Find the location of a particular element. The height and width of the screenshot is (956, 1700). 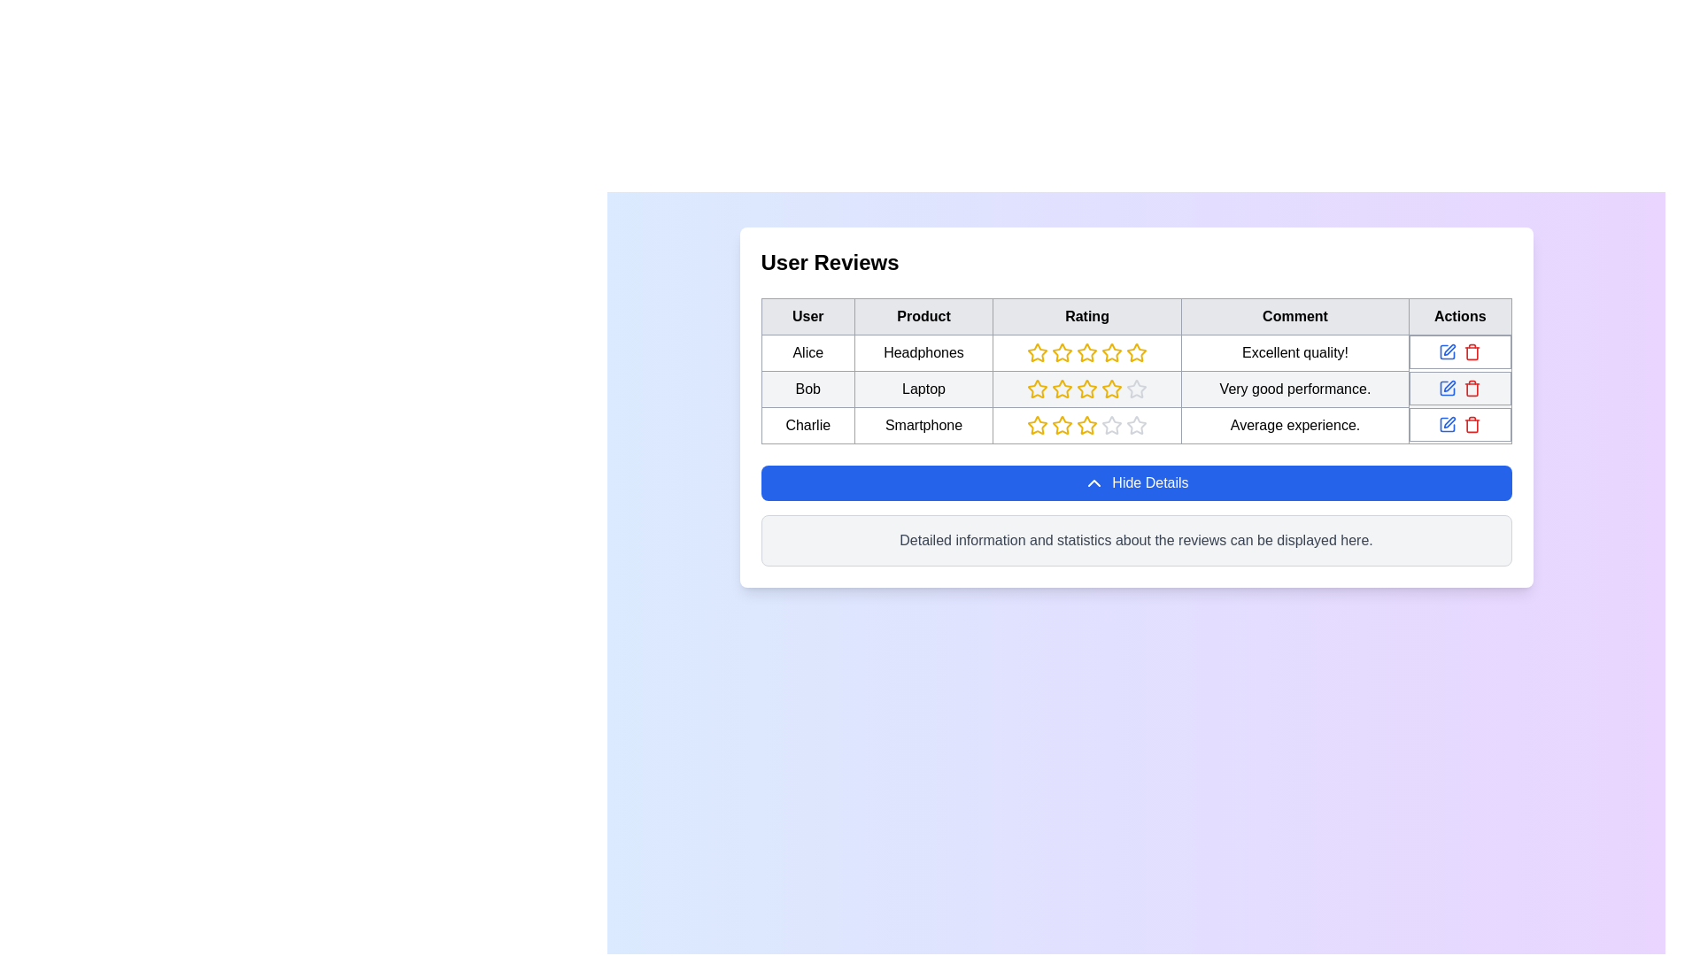

the rating star icon in the third row associated with Charlie's review of the Smartphone product to rate it is located at coordinates (1062, 425).